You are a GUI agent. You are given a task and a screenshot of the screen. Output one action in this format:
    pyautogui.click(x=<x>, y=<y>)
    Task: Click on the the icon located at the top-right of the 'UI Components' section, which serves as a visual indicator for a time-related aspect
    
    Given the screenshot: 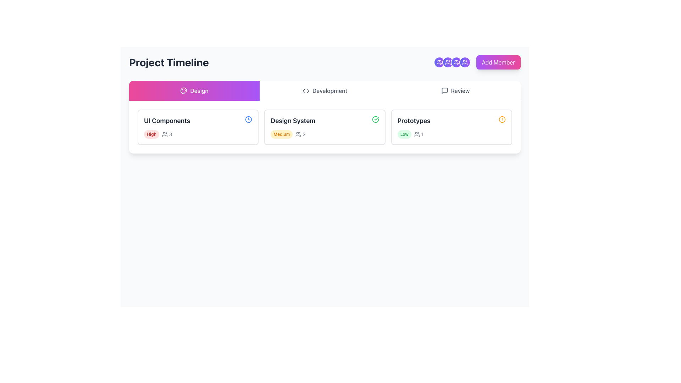 What is the action you would take?
    pyautogui.click(x=249, y=119)
    